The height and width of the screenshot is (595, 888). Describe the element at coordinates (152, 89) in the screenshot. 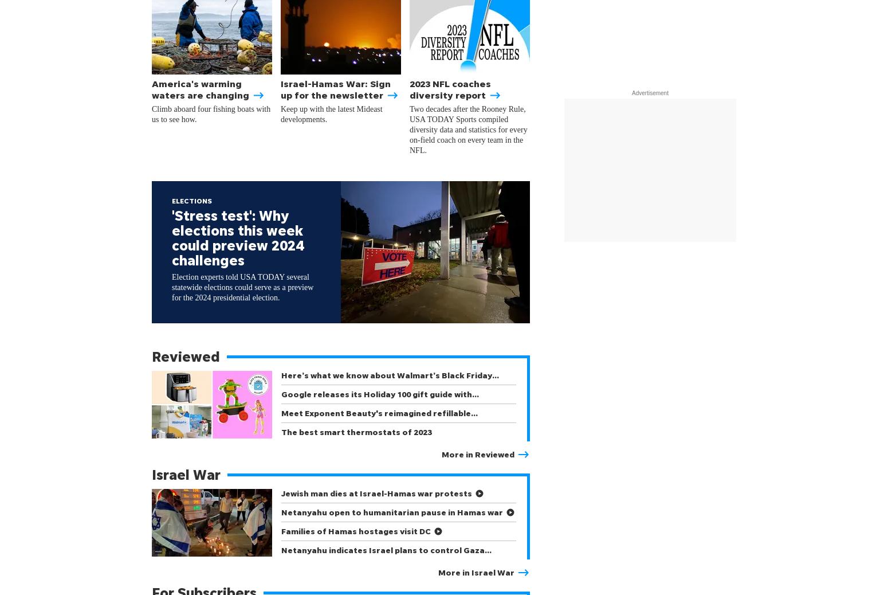

I see `'America's warming waters are changing'` at that location.